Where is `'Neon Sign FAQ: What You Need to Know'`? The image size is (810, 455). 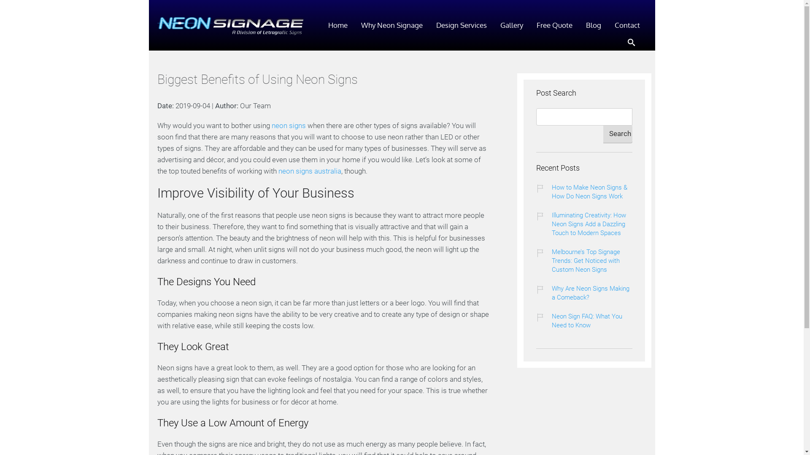
'Neon Sign FAQ: What You Need to Know' is located at coordinates (591, 321).